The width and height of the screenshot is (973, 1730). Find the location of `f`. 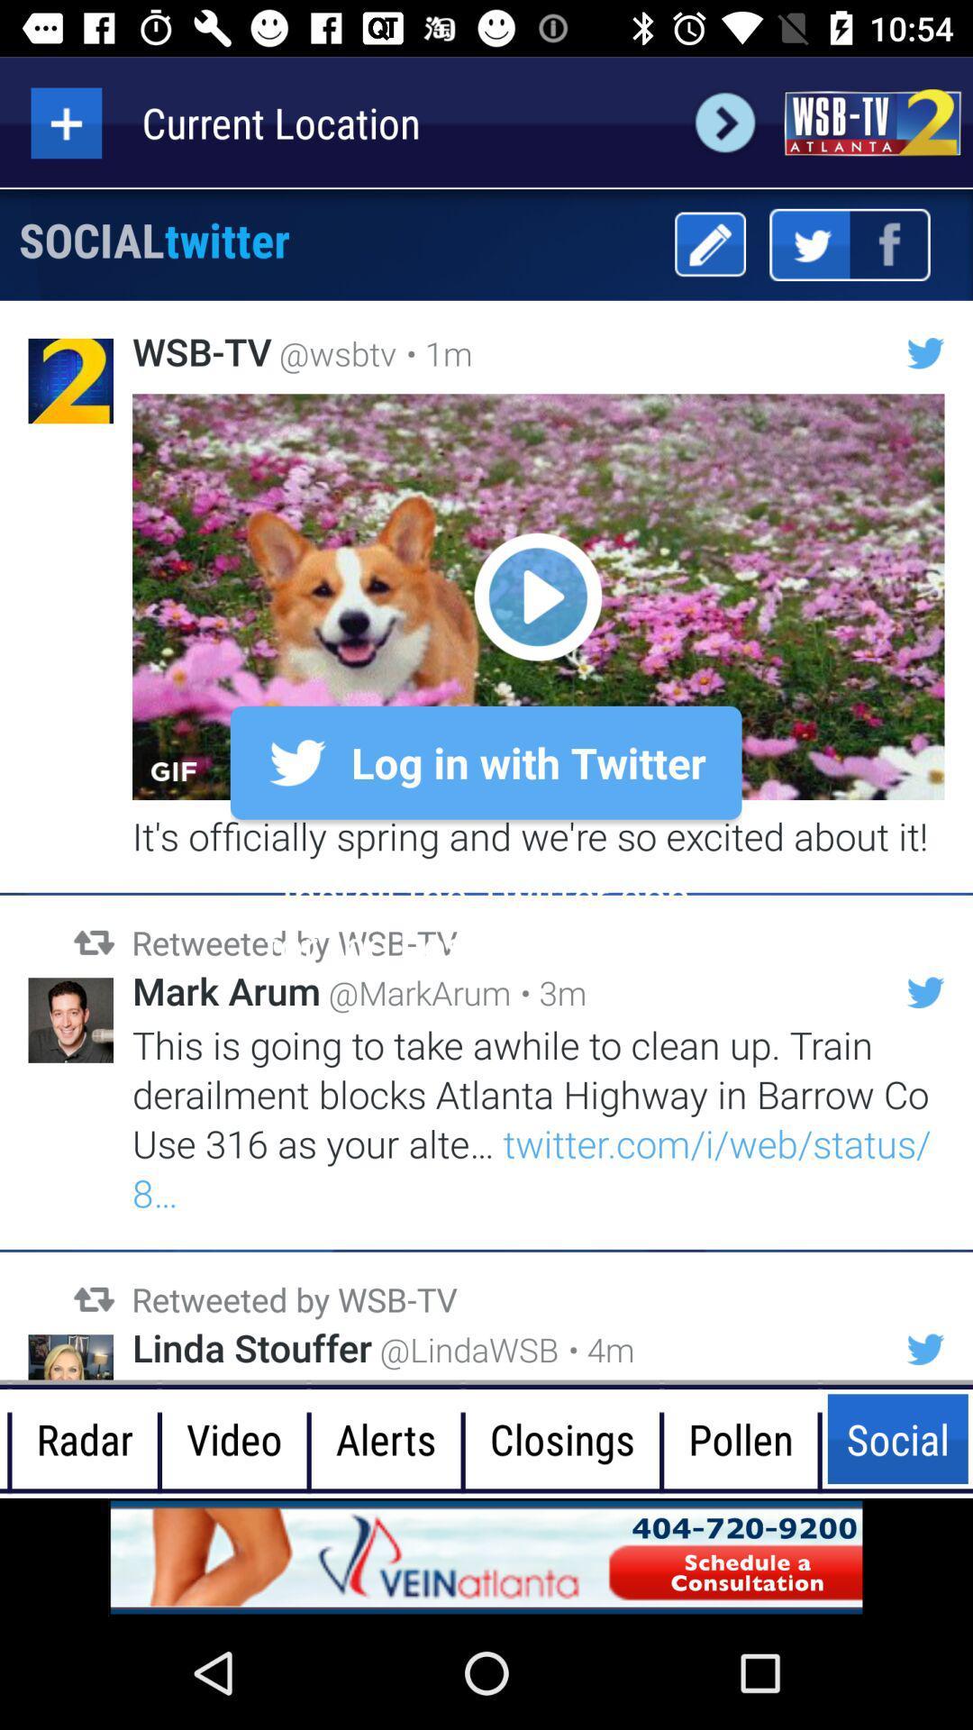

f is located at coordinates (889, 244).